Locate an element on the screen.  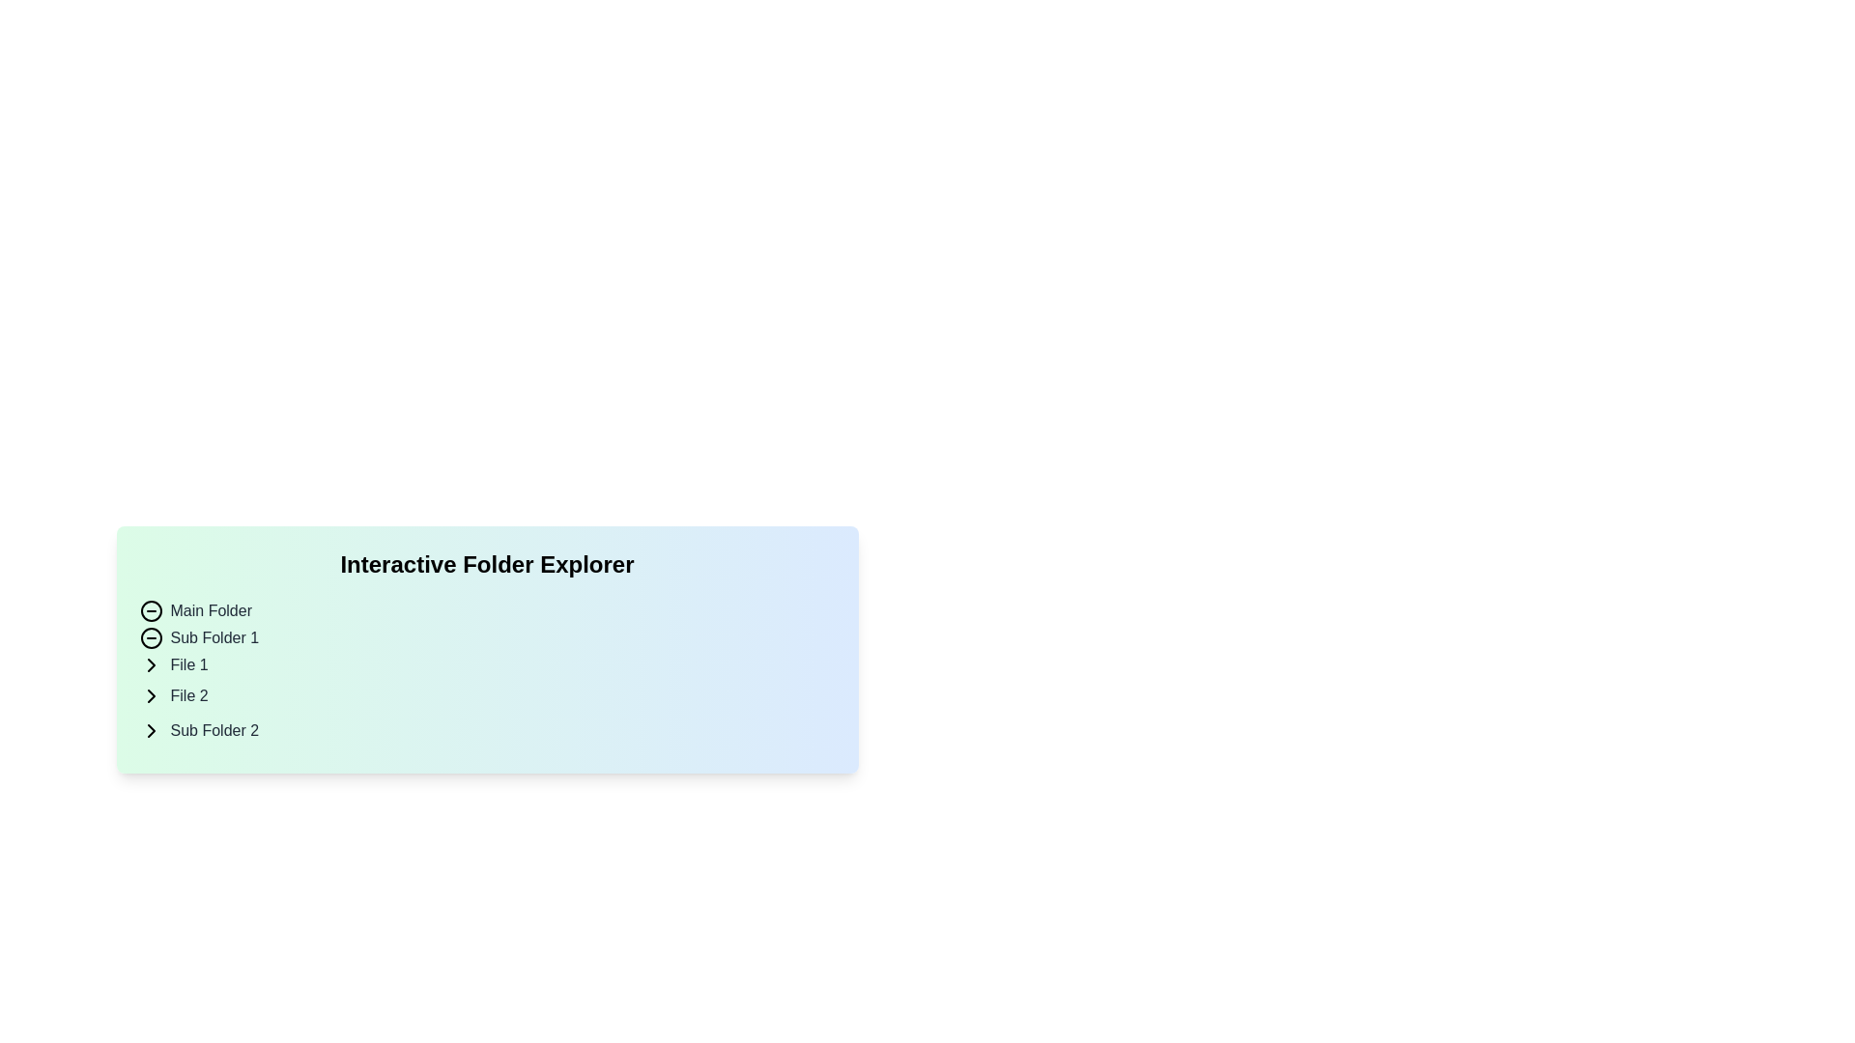
the collapse button icon located to the left of the 'Main Folder' text to hide its contents in the file explorer is located at coordinates (150, 610).